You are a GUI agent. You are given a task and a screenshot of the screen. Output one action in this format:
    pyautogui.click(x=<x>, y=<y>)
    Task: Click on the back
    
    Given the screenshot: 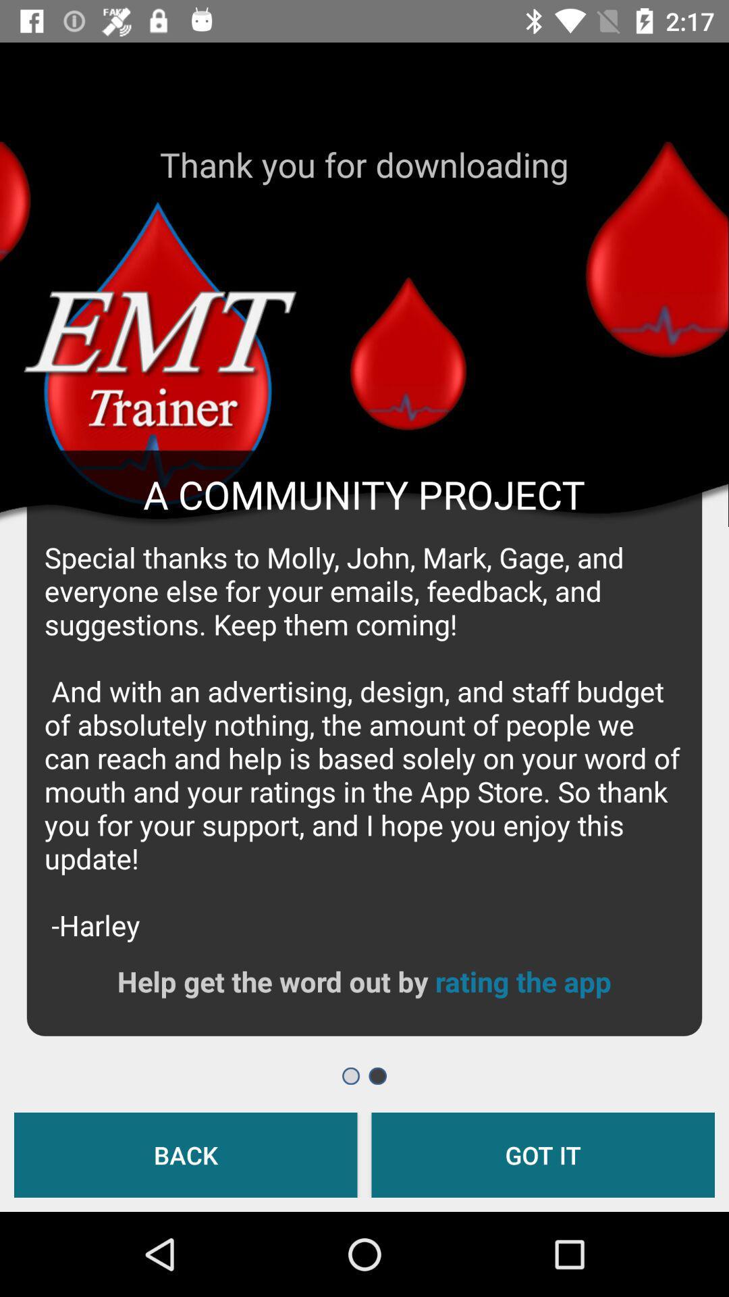 What is the action you would take?
    pyautogui.click(x=186, y=1154)
    